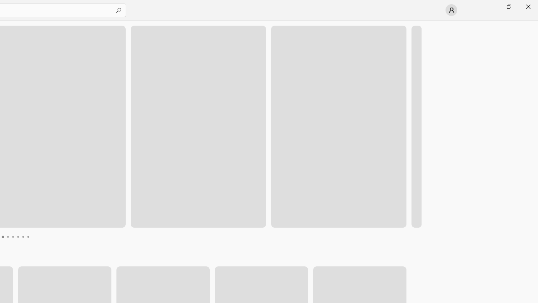 The image size is (538, 303). I want to click on 'Minimize Microsoft Store', so click(489, 6).